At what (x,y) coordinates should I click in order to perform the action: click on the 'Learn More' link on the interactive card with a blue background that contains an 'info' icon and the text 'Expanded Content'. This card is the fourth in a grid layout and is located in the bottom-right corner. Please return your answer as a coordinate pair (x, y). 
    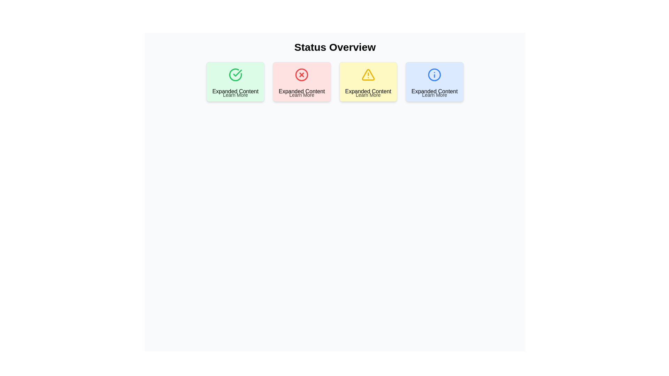
    Looking at the image, I should click on (434, 81).